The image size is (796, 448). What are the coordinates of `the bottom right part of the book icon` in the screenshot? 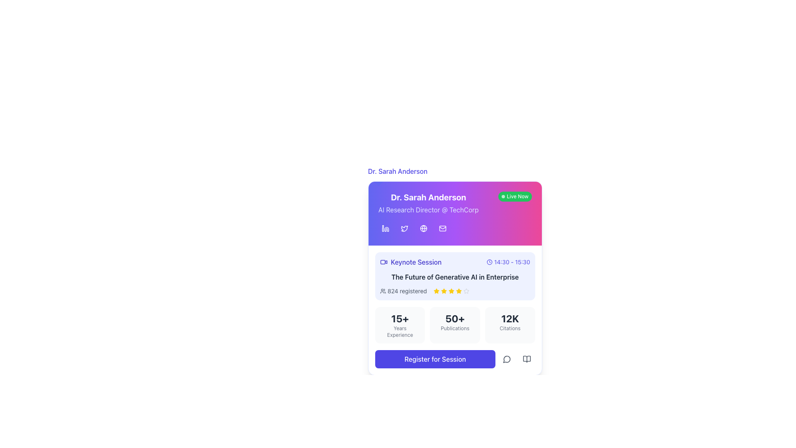 It's located at (526, 359).